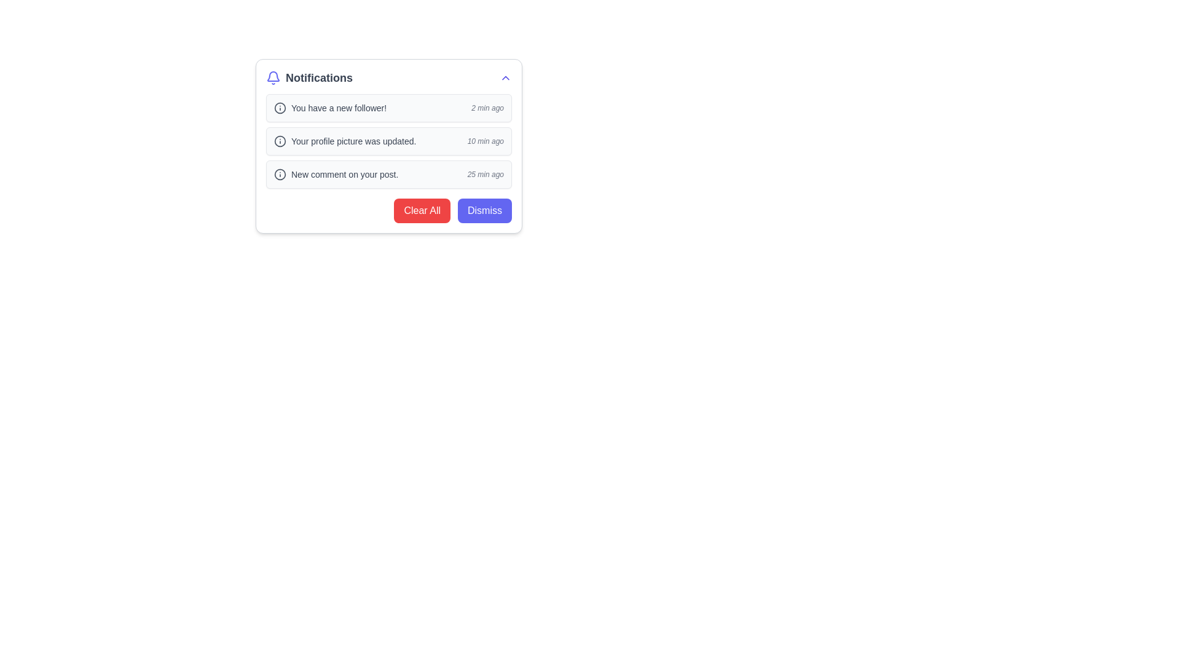  What do you see at coordinates (280, 175) in the screenshot?
I see `the information icon located to the left of the text in the notification labeled 'New comment on your post.'` at bounding box center [280, 175].